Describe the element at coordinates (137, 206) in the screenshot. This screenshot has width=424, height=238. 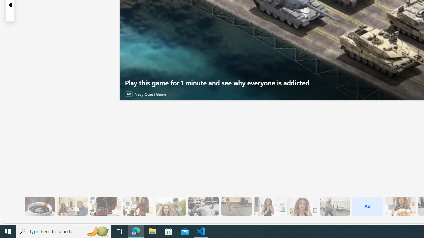
I see `'7 They Don'` at that location.